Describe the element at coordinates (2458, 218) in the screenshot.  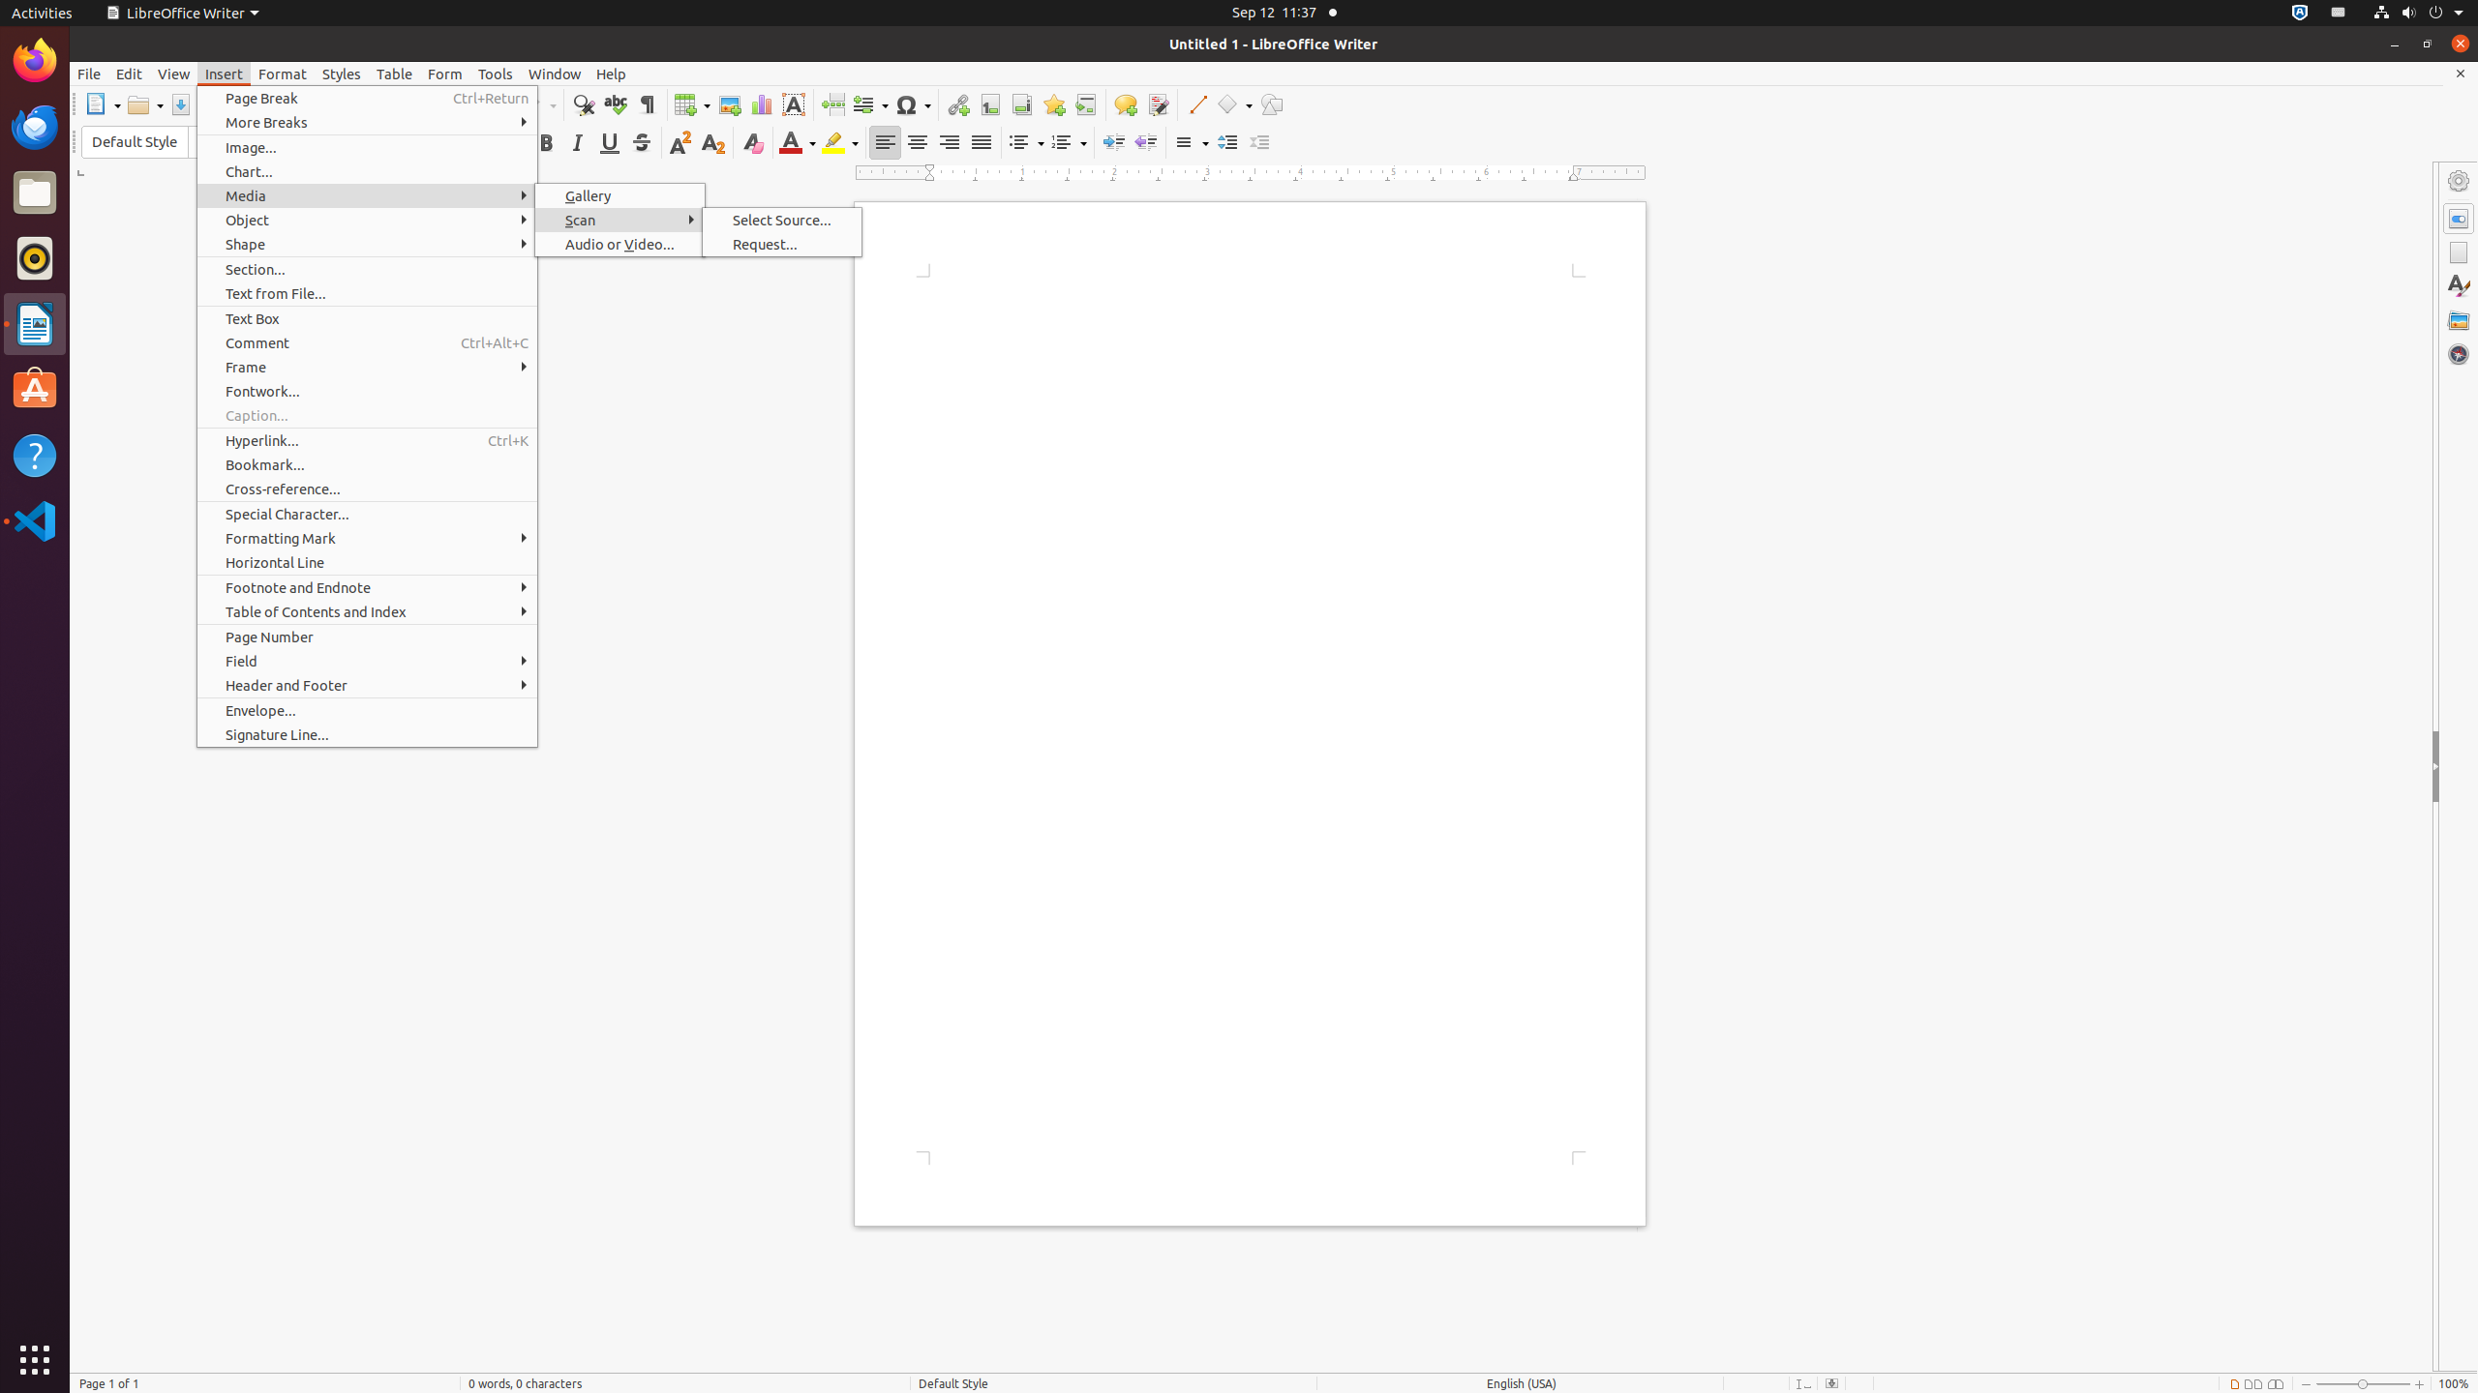
I see `'Properties'` at that location.